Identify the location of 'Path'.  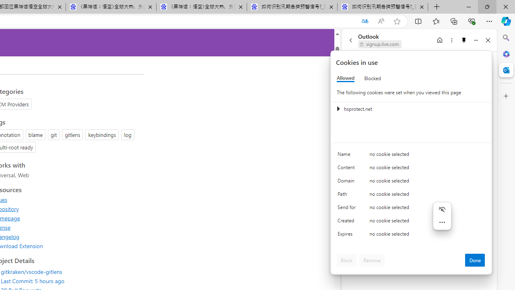
(348, 196).